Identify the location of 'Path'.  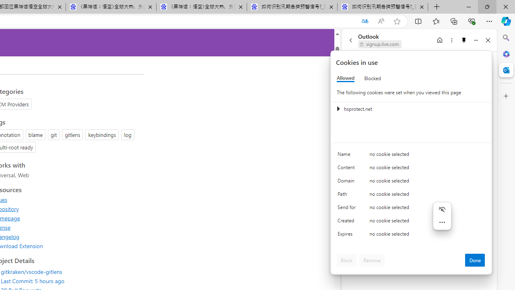
(348, 196).